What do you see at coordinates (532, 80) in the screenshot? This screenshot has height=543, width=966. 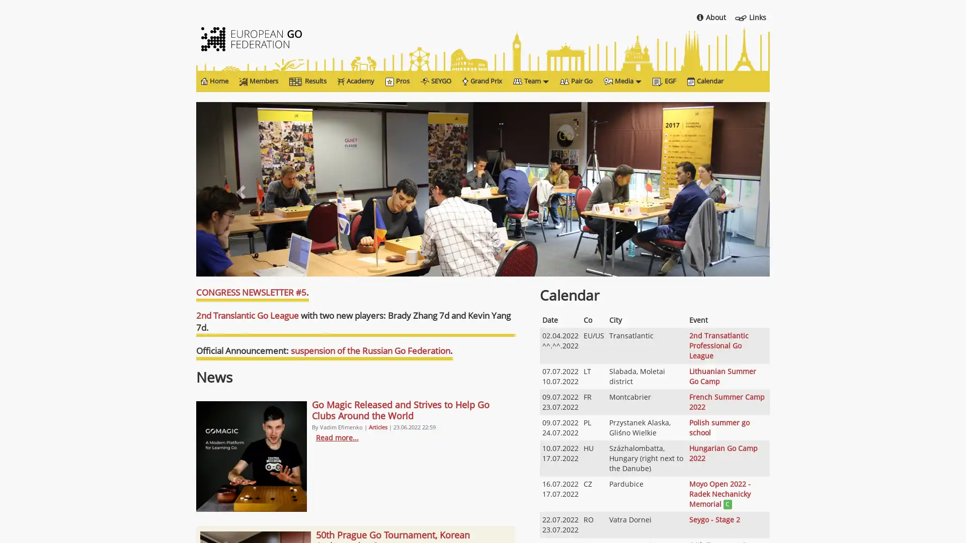 I see `Team` at bounding box center [532, 80].